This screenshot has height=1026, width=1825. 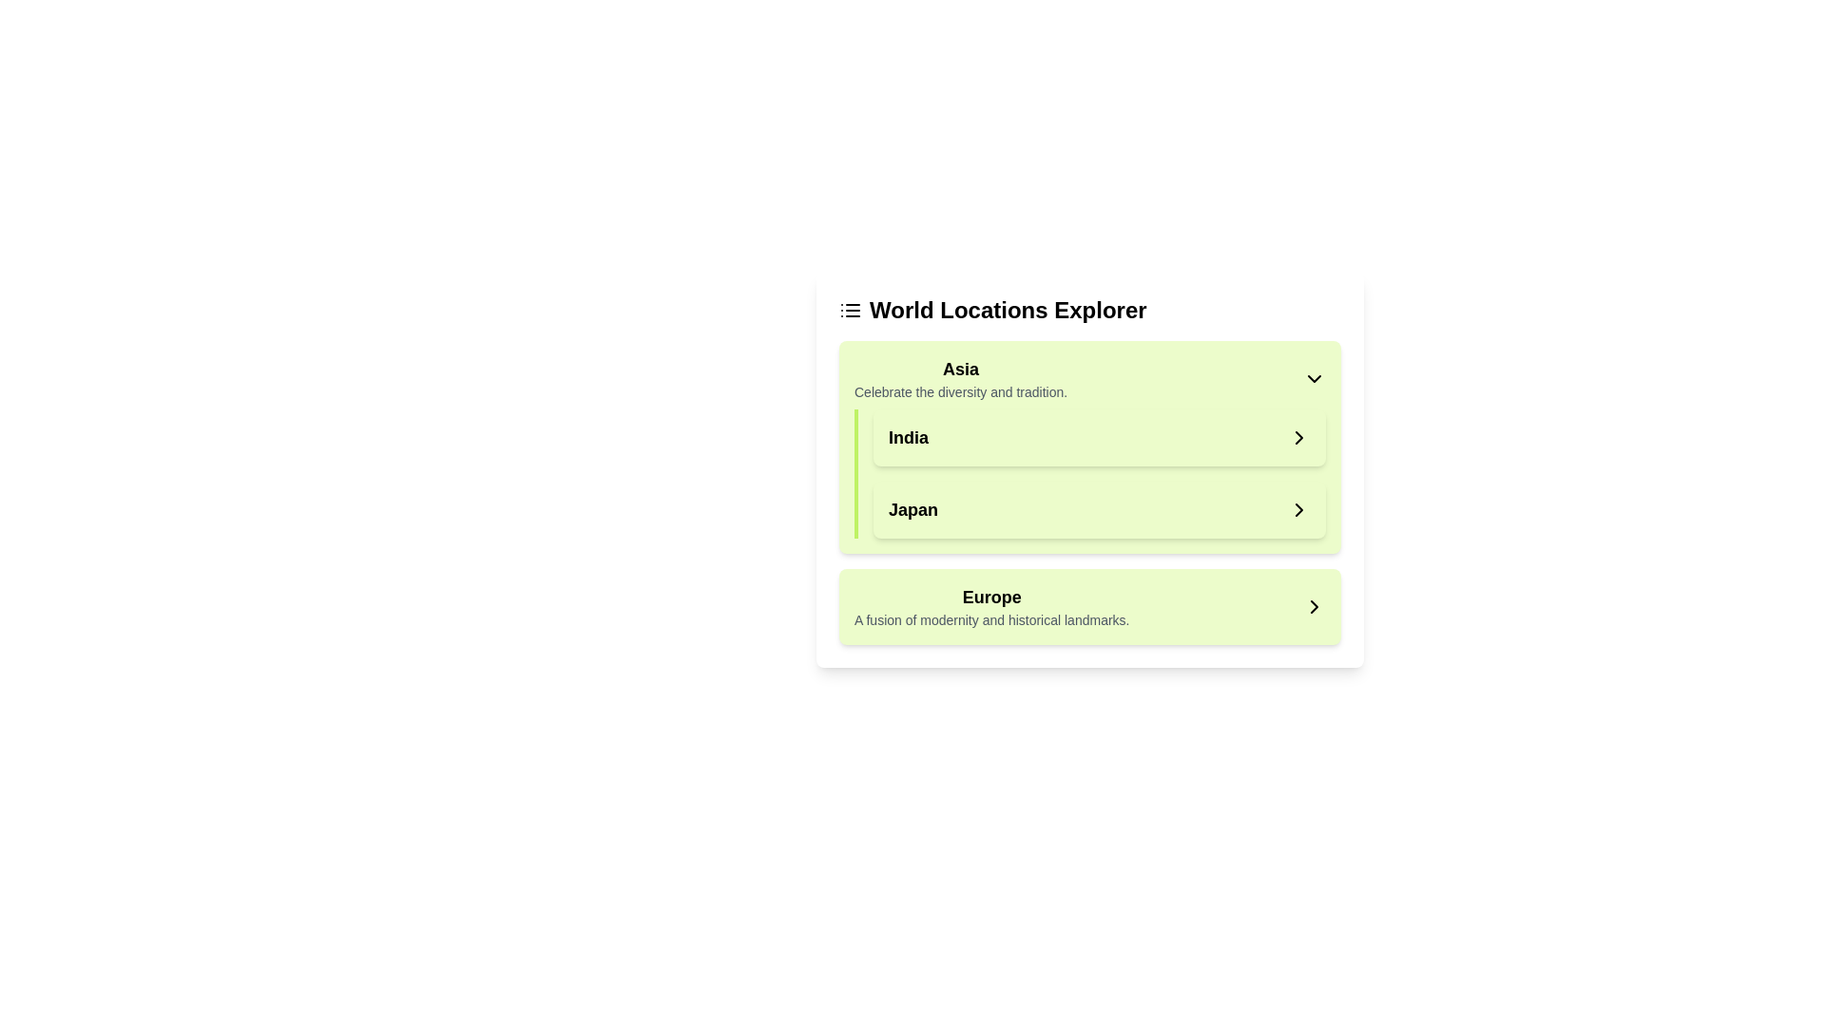 I want to click on descriptive label text located directly below the 'Asia' label in the green section, so click(x=961, y=390).